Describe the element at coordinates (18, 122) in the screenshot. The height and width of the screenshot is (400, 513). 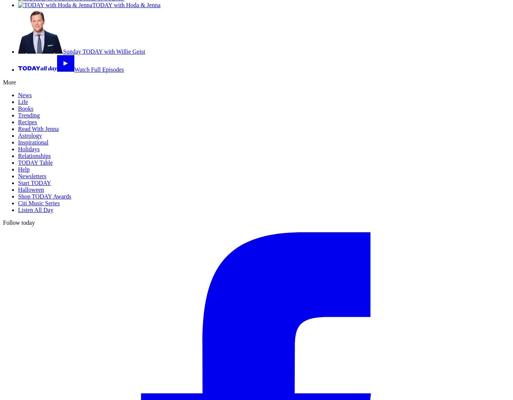
I see `'Recipes'` at that location.